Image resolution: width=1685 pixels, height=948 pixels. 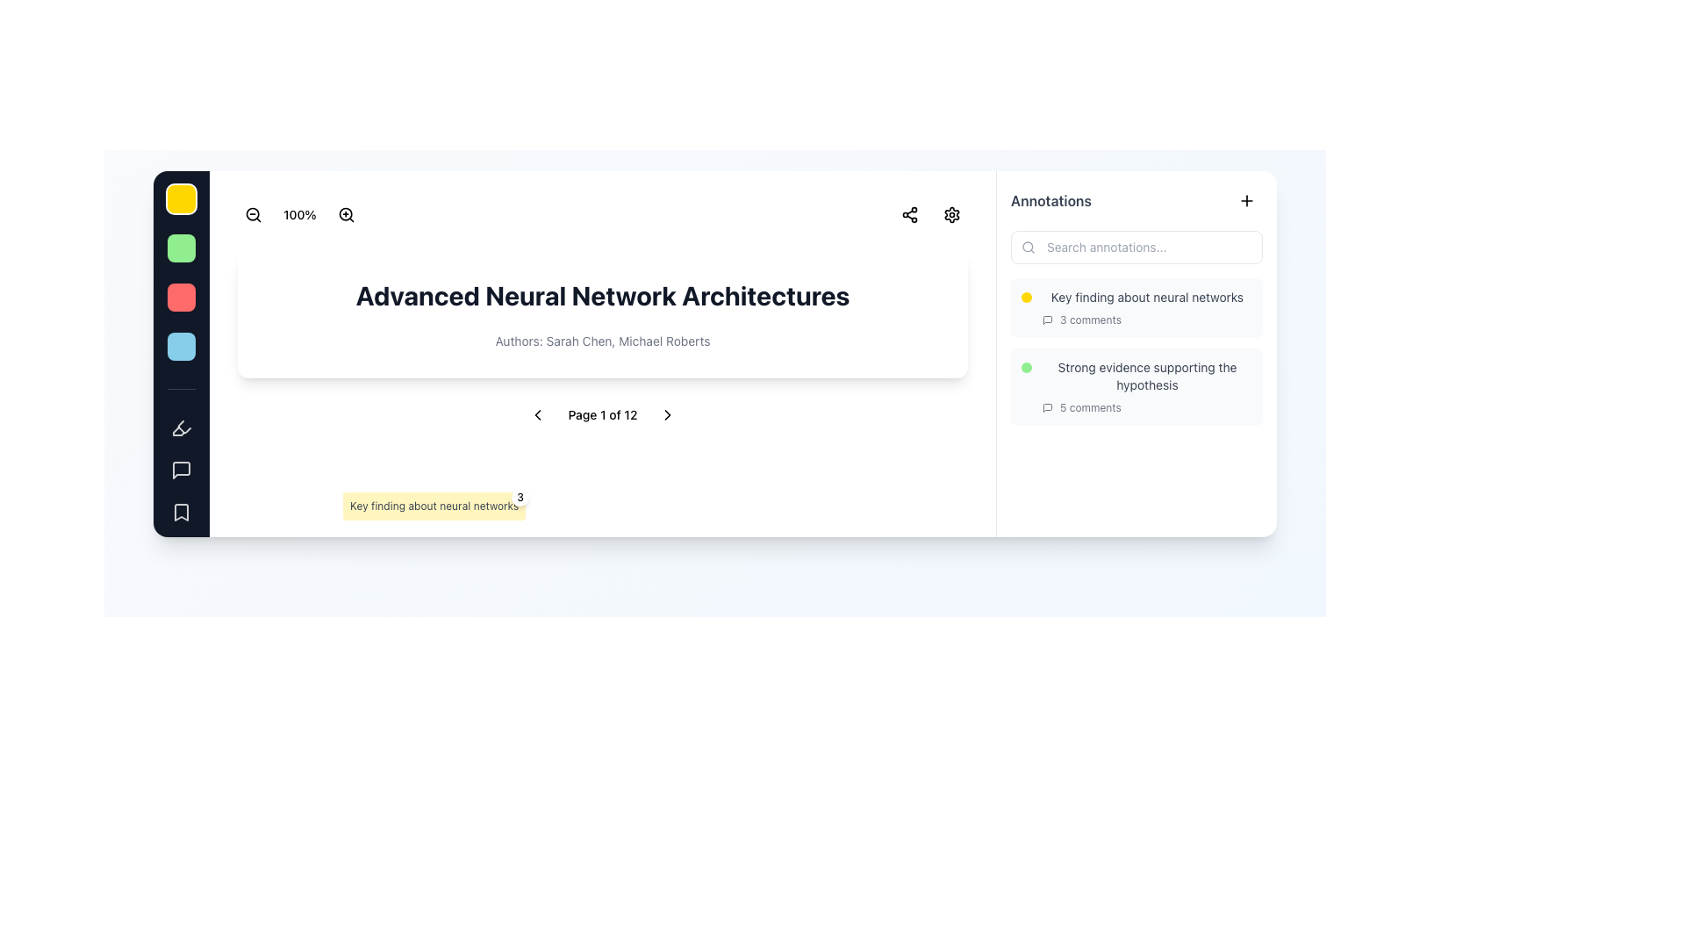 What do you see at coordinates (909, 214) in the screenshot?
I see `the share button located in the top-right corner of the main content section, adjacent to a settings icon` at bounding box center [909, 214].